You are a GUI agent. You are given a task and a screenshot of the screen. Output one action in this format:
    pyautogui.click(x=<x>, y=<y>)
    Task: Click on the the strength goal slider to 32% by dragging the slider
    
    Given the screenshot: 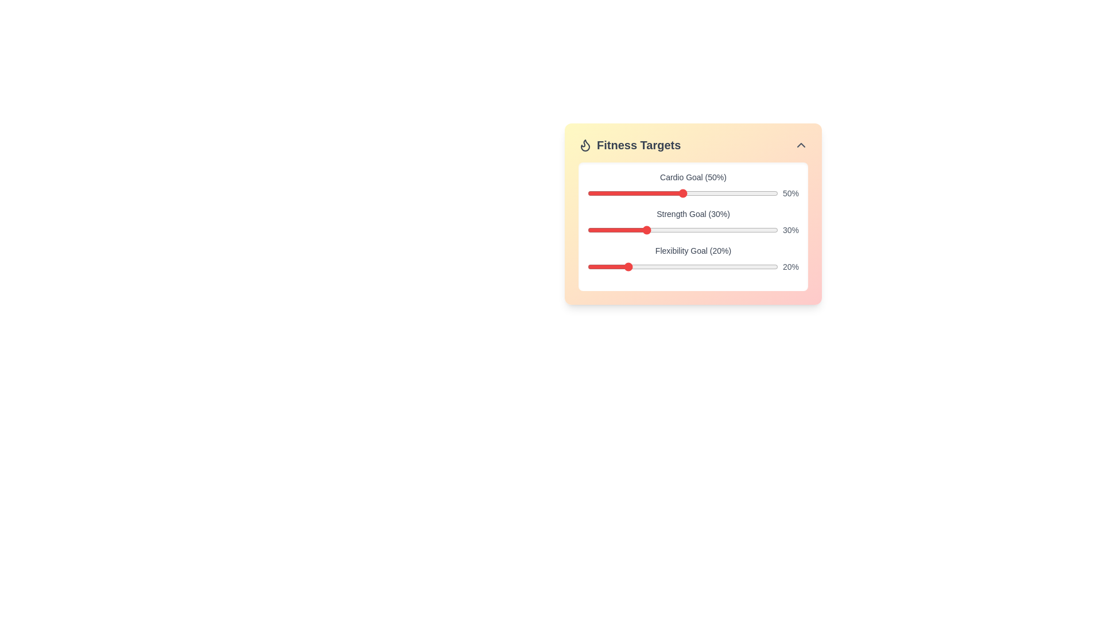 What is the action you would take?
    pyautogui.click(x=649, y=230)
    